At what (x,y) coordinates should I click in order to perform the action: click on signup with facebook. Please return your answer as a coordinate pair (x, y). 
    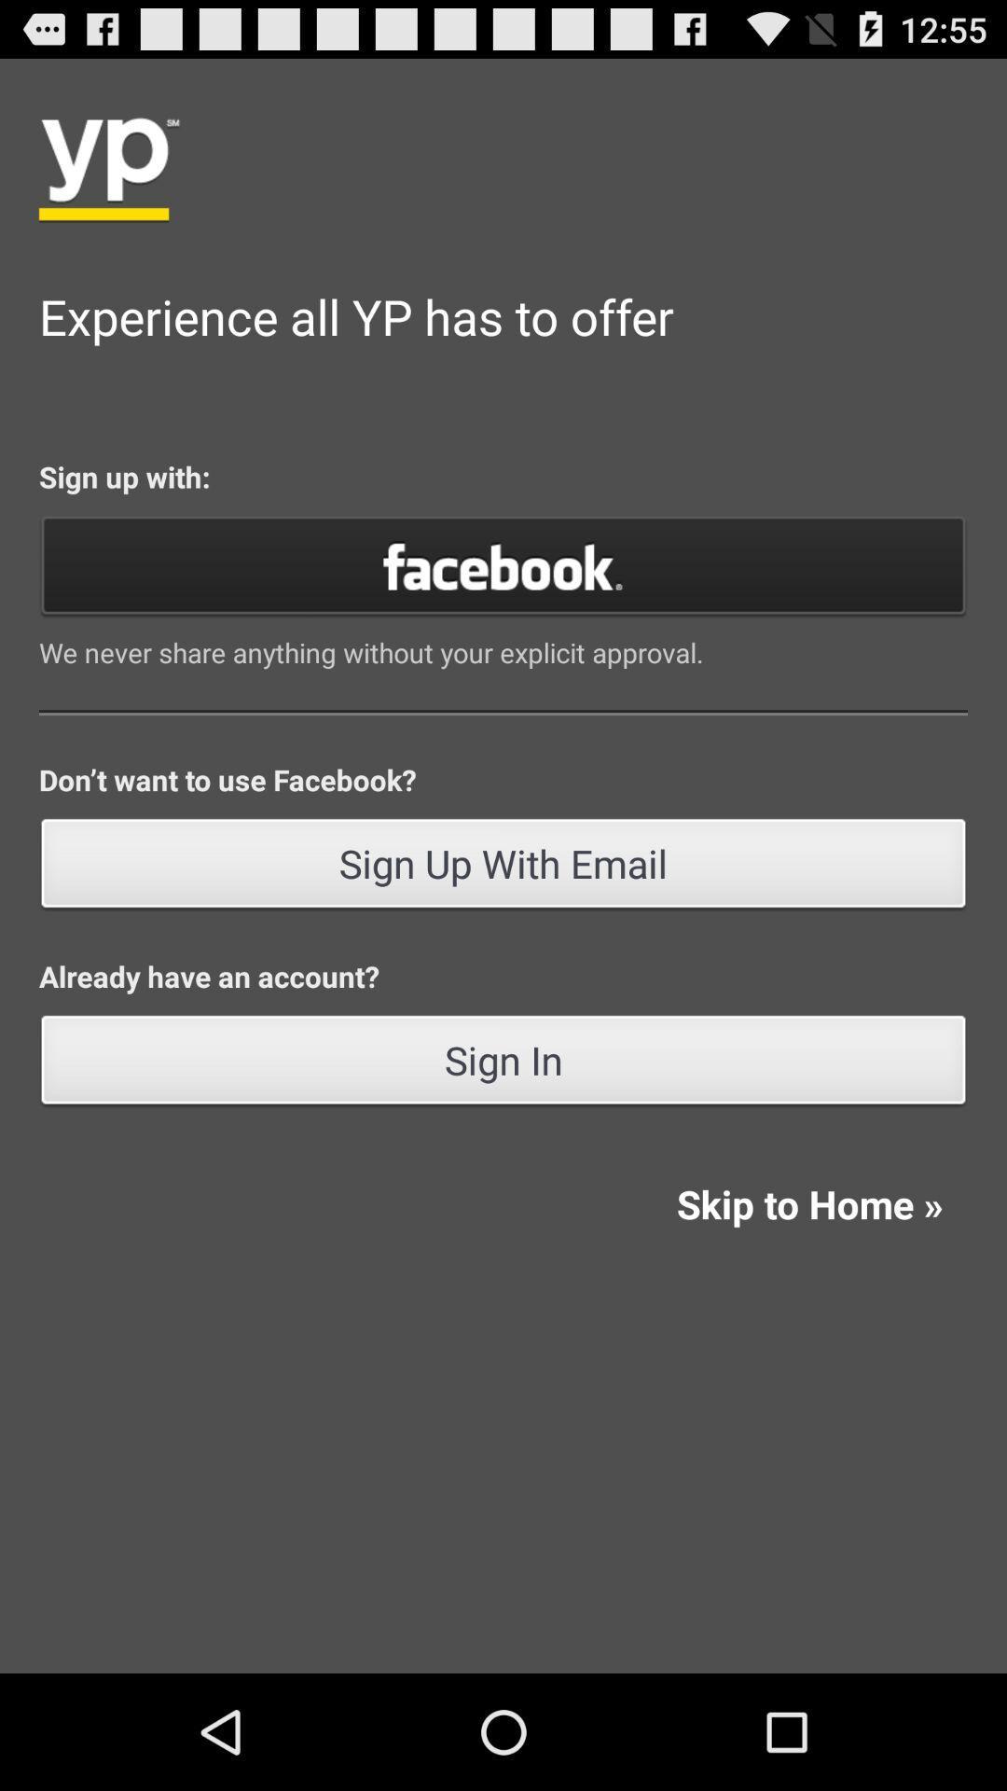
    Looking at the image, I should click on (504, 563).